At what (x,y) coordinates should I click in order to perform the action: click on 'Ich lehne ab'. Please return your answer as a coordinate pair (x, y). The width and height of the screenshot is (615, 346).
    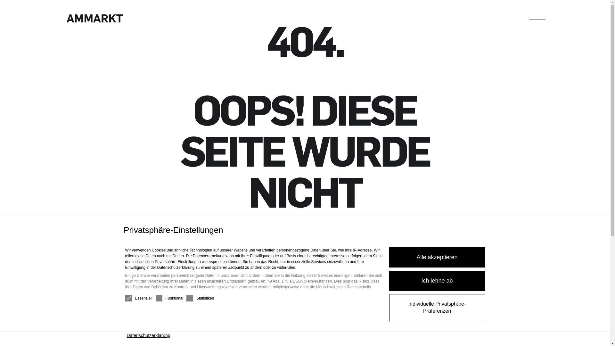
    Looking at the image, I should click on (436, 280).